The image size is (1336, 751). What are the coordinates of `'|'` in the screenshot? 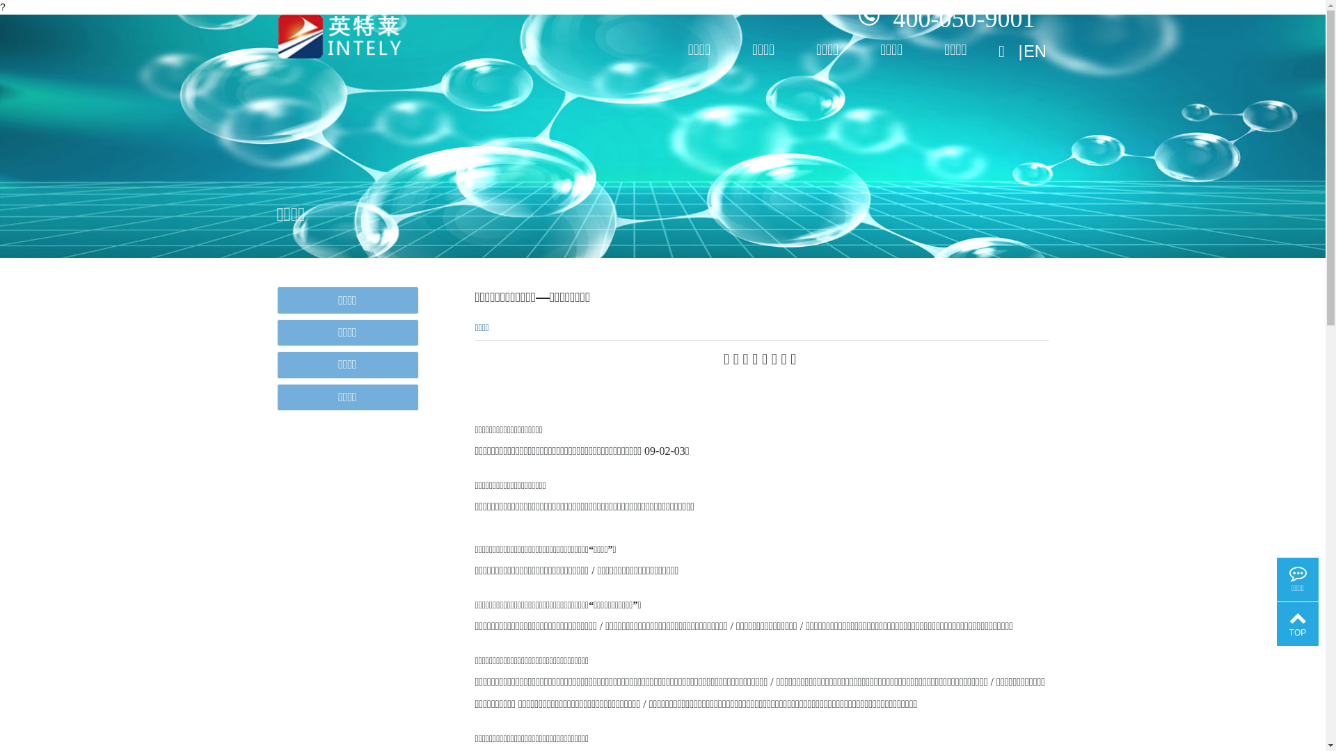 It's located at (1019, 45).